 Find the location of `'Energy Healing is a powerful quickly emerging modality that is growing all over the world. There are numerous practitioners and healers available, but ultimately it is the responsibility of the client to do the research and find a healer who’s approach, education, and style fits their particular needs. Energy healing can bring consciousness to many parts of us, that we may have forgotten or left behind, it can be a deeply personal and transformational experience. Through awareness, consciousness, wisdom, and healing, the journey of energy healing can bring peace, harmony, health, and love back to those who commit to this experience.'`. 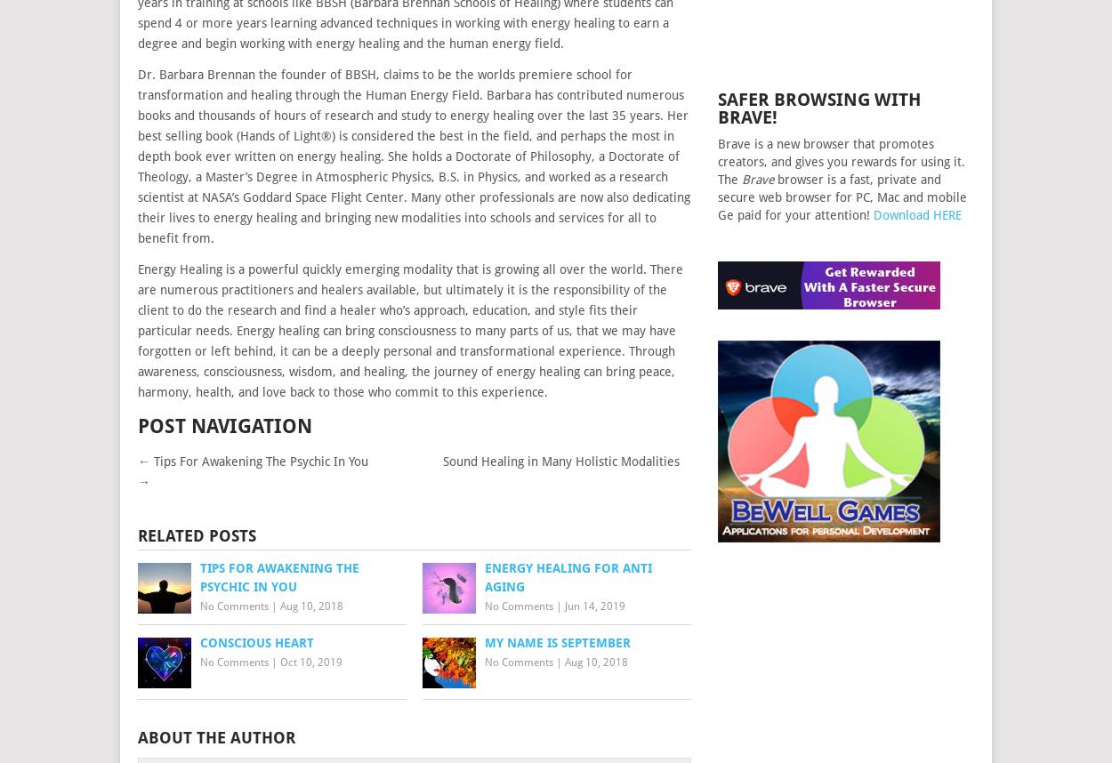

'Energy Healing is a powerful quickly emerging modality that is growing all over the world. There are numerous practitioners and healers available, but ultimately it is the responsibility of the client to do the research and find a healer who’s approach, education, and style fits their particular needs. Energy healing can bring consciousness to many parts of us, that we may have forgotten or left behind, it can be a deeply personal and transformational experience. Through awareness, consciousness, wisdom, and healing, the journey of energy healing can bring peace, harmony, health, and love back to those who commit to this experience.' is located at coordinates (409, 331).